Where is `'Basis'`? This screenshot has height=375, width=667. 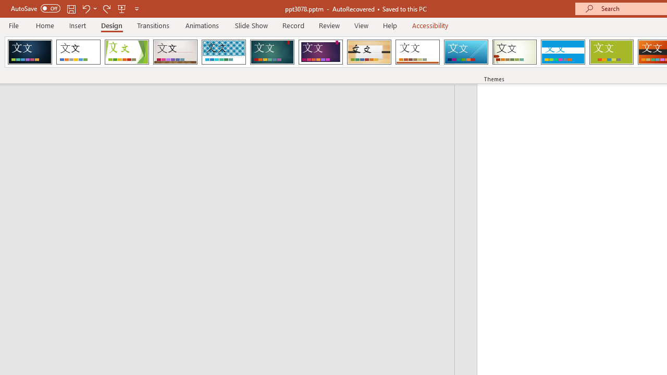 'Basis' is located at coordinates (611, 52).